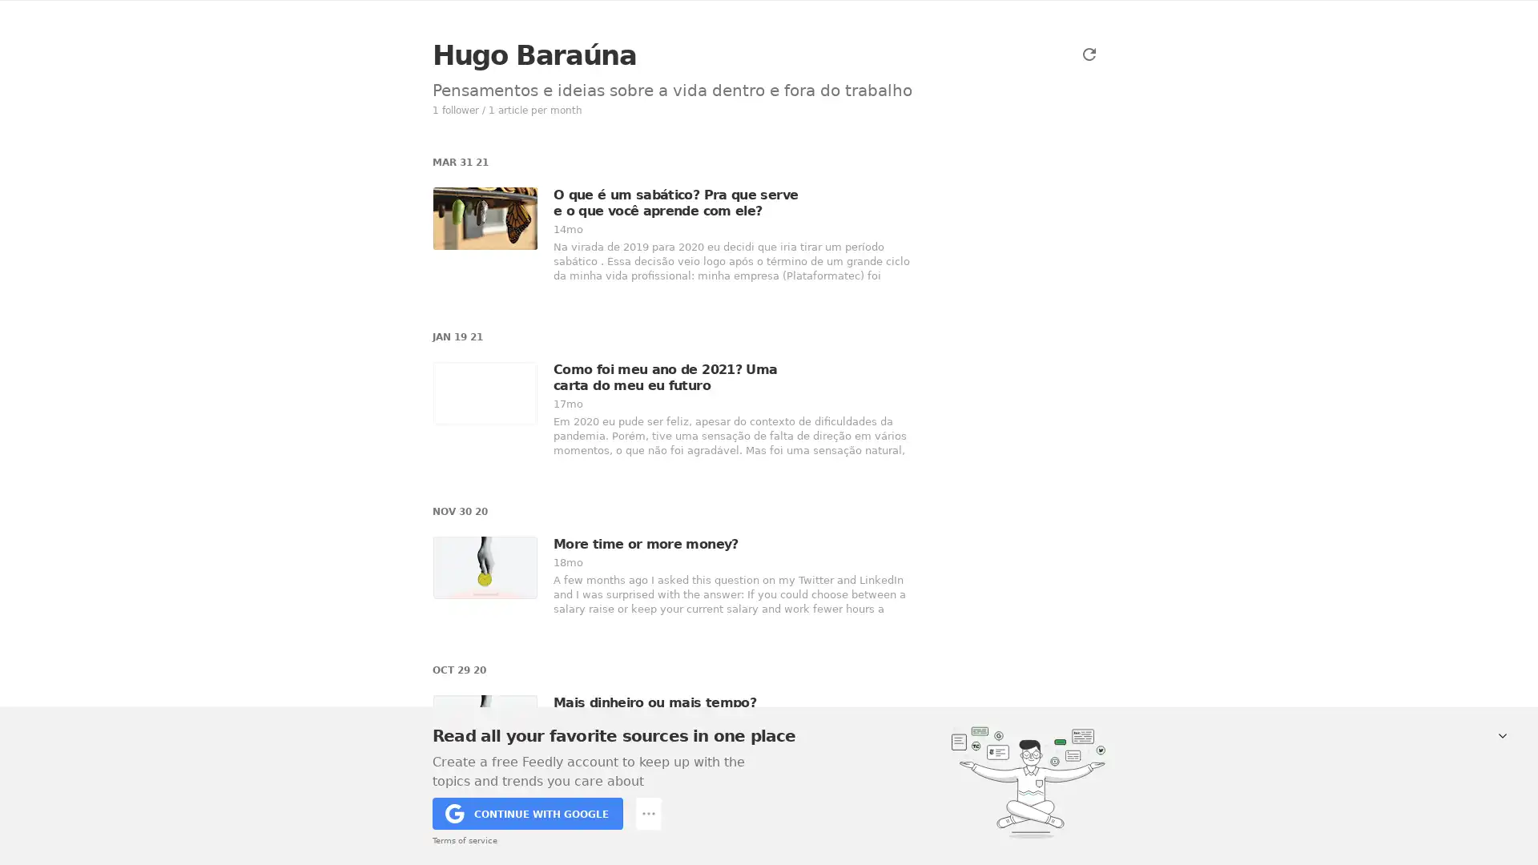 Image resolution: width=1538 pixels, height=865 pixels. Describe the element at coordinates (527, 813) in the screenshot. I see `CONTINUE WITH GOOGLE` at that location.